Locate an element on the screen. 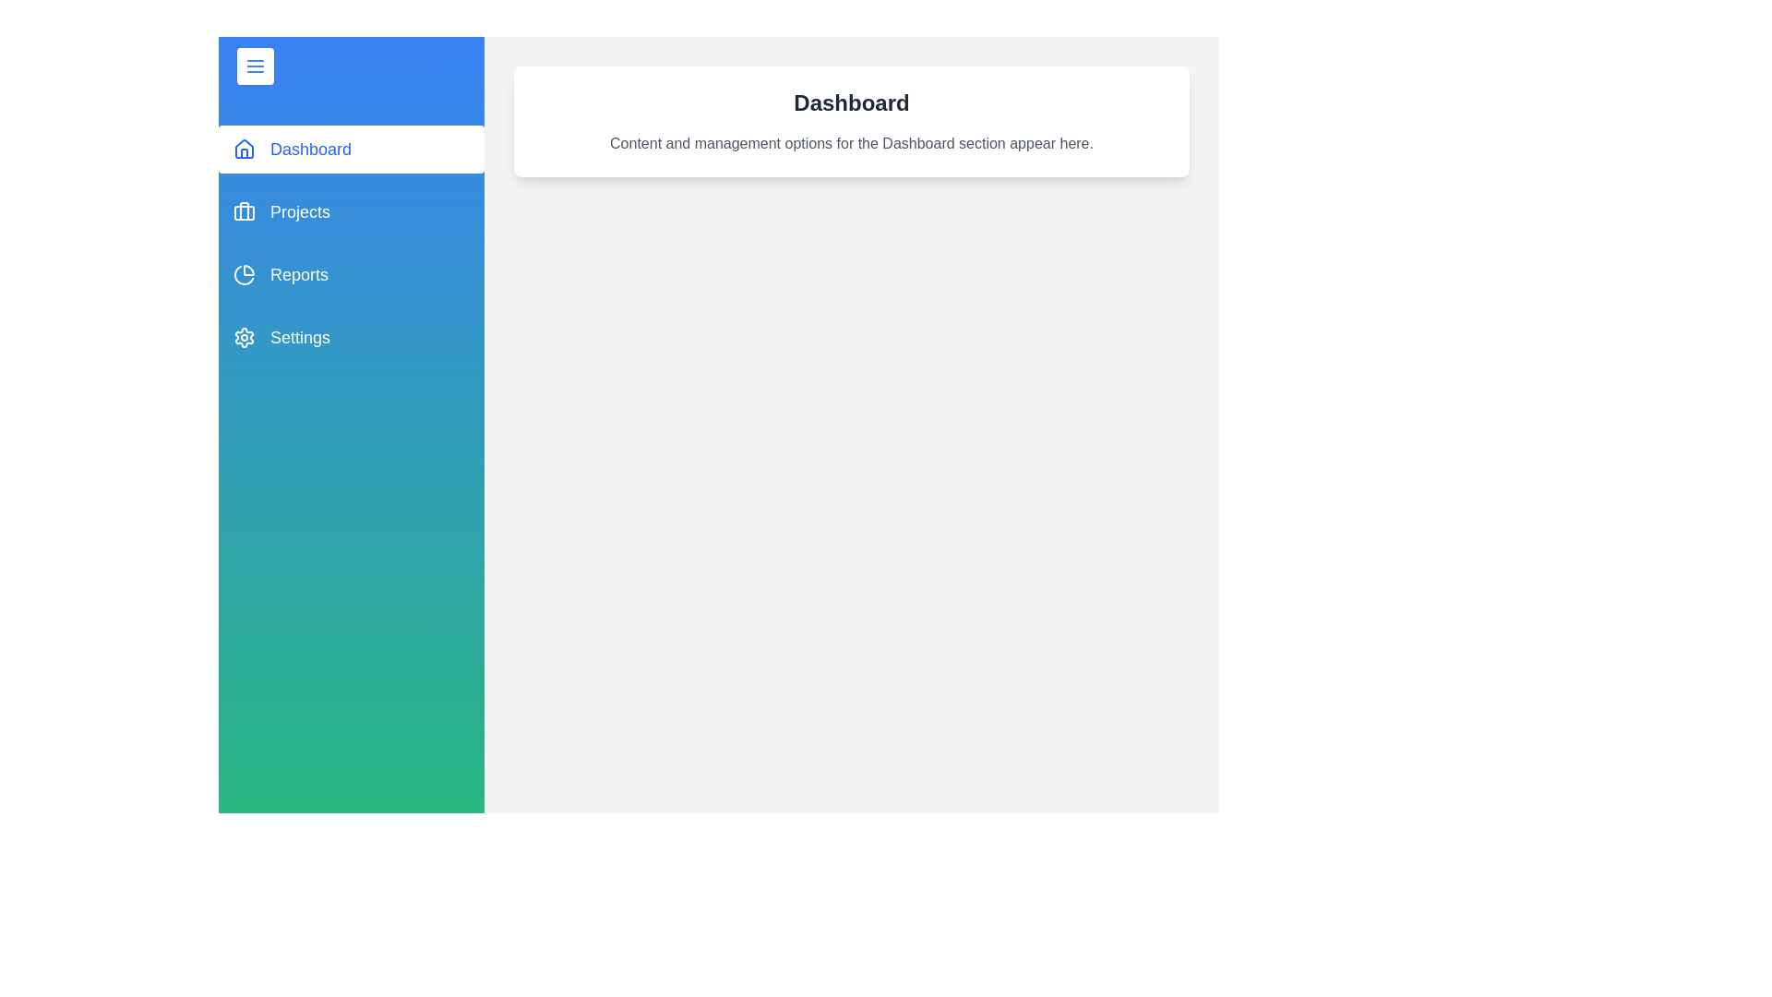  the section Settings from the navigation menu is located at coordinates (351, 338).